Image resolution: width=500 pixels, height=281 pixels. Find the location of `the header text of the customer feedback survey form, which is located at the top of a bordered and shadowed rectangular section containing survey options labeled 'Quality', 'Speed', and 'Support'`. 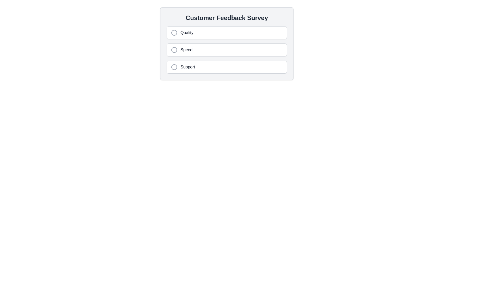

the header text of the customer feedback survey form, which is located at the top of a bordered and shadowed rectangular section containing survey options labeled 'Quality', 'Speed', and 'Support' is located at coordinates (227, 18).